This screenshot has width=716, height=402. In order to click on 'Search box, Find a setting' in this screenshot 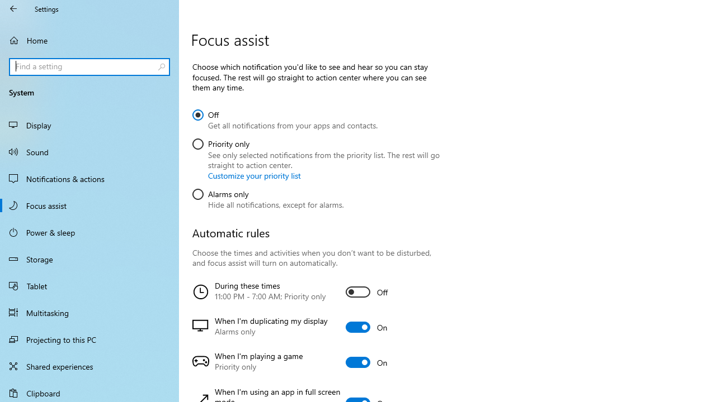, I will do `click(89, 66)`.